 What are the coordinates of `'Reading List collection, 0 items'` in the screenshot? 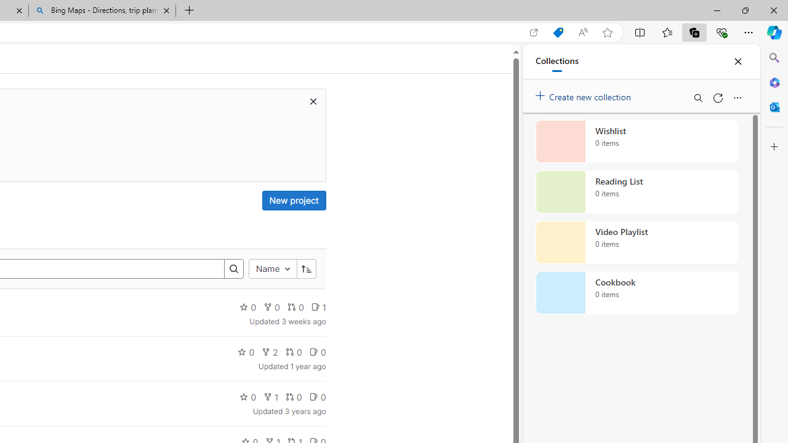 It's located at (637, 192).